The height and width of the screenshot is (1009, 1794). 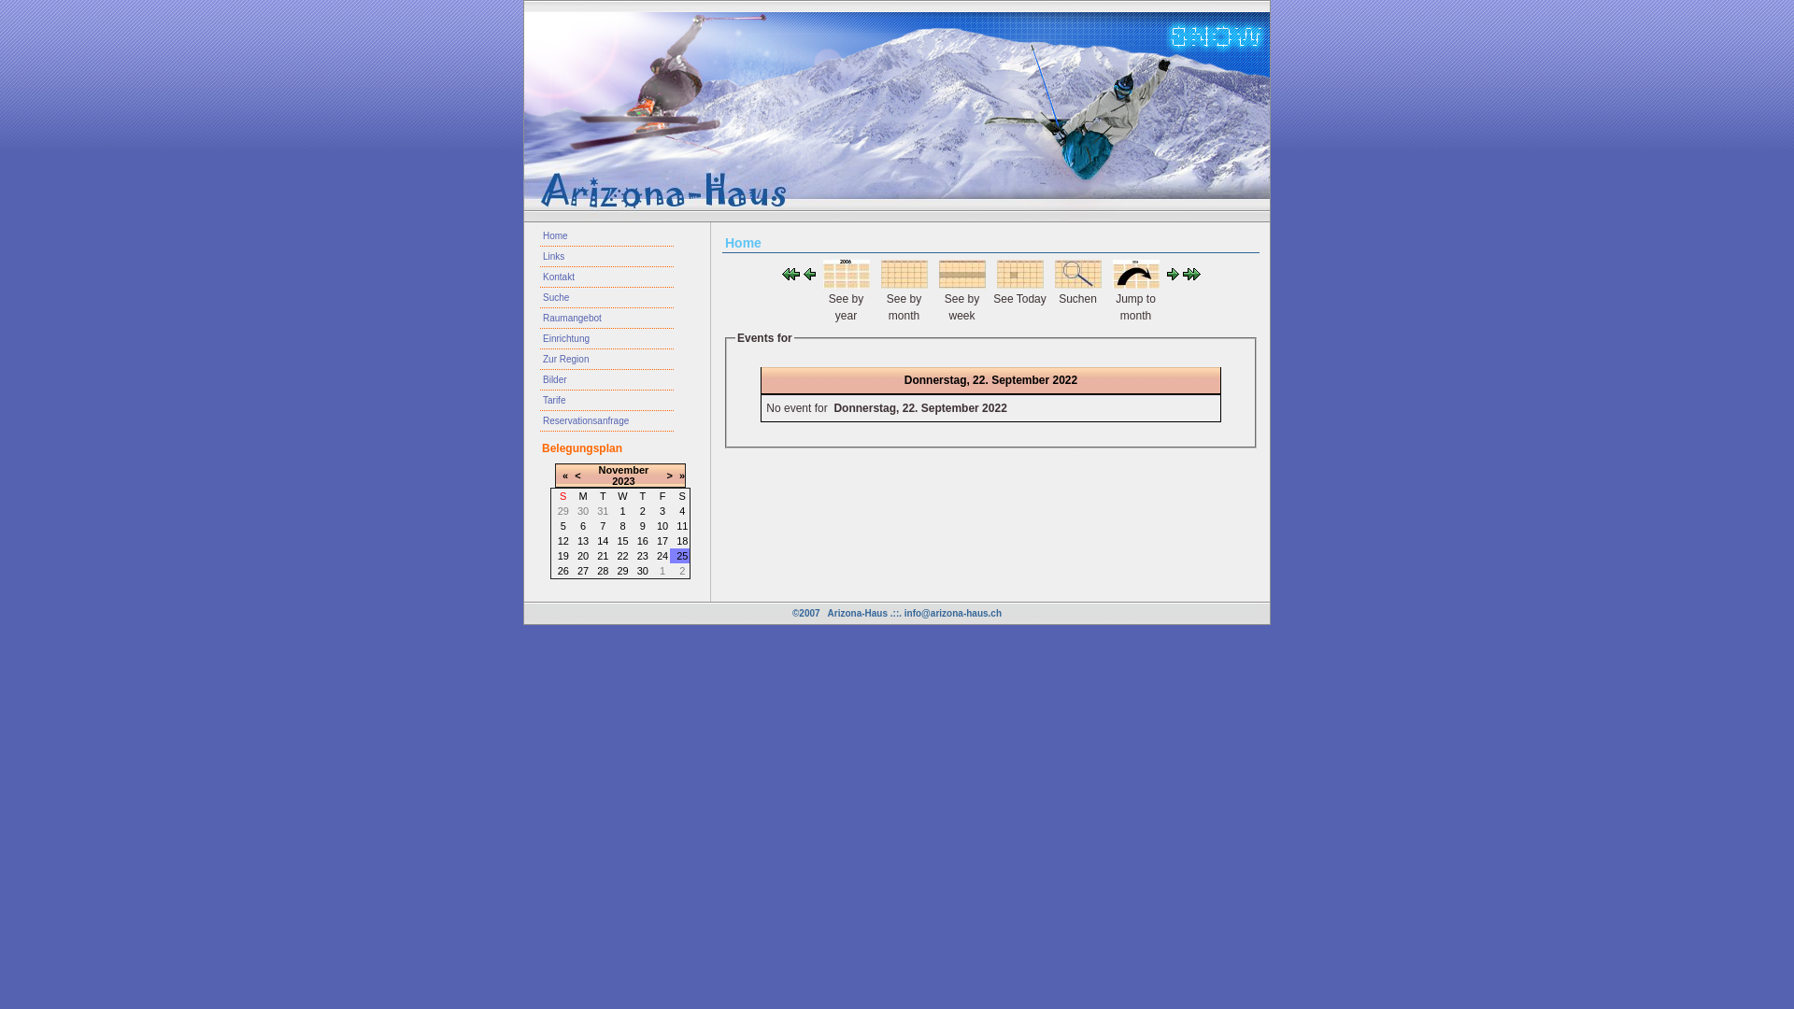 What do you see at coordinates (680, 526) in the screenshot?
I see `'11'` at bounding box center [680, 526].